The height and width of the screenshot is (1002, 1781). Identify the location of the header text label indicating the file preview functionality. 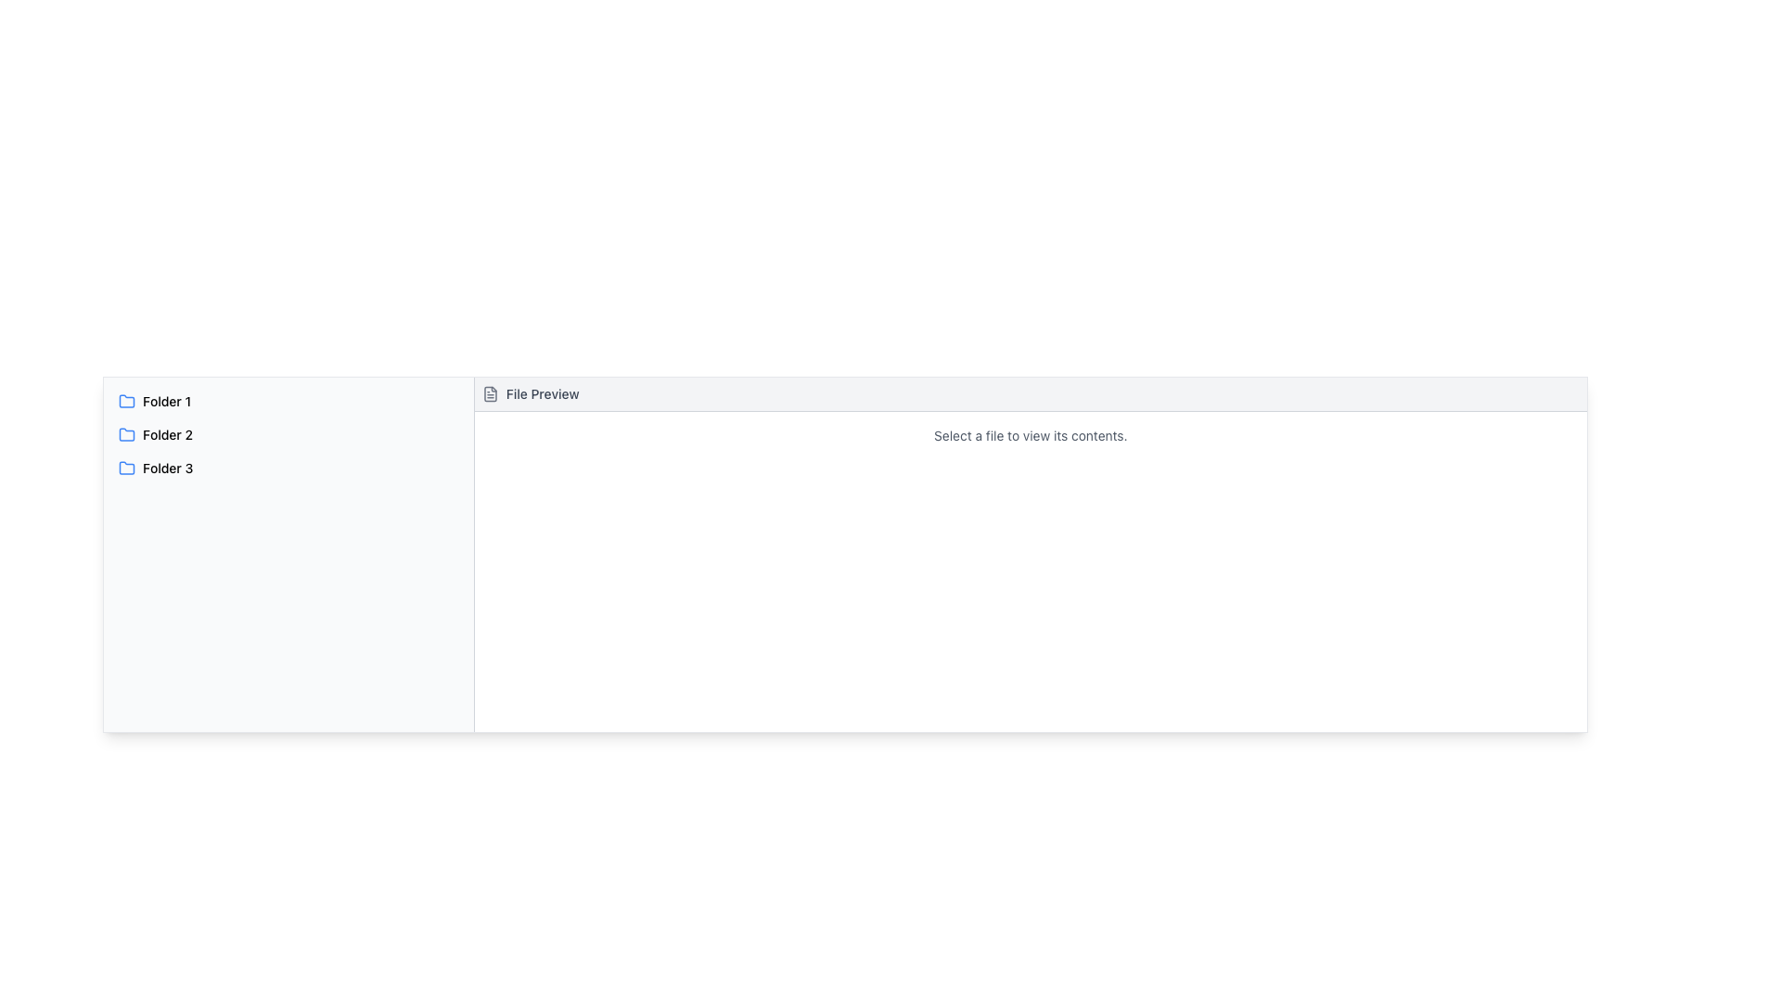
(542, 392).